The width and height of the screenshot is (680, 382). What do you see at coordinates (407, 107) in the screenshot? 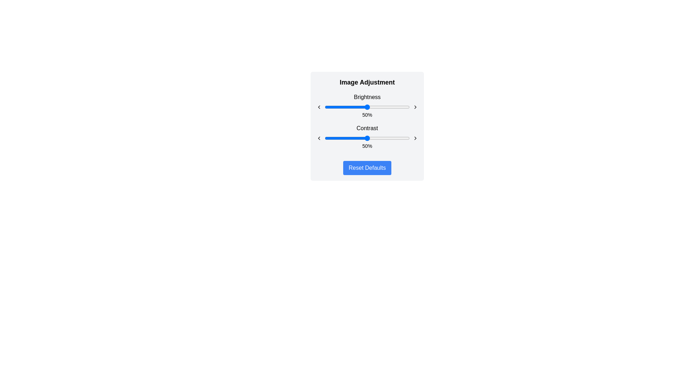
I see `brightness` at bounding box center [407, 107].